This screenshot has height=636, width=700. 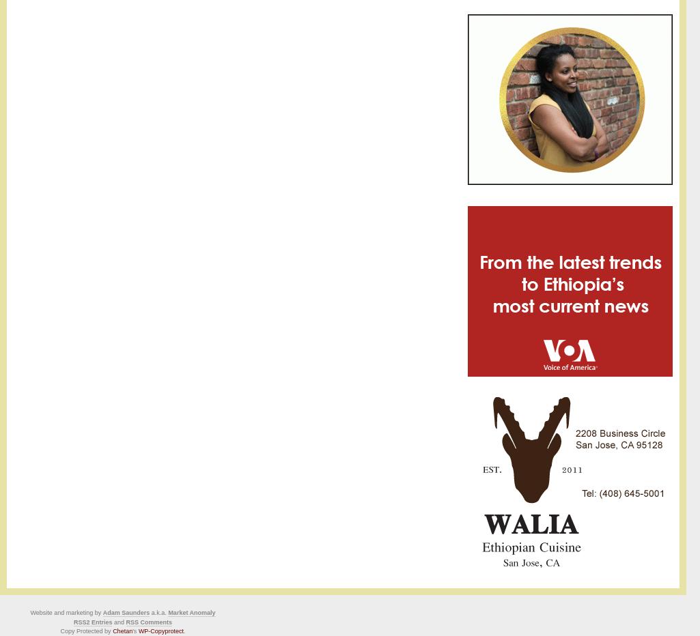 I want to click on '.', so click(x=183, y=631).